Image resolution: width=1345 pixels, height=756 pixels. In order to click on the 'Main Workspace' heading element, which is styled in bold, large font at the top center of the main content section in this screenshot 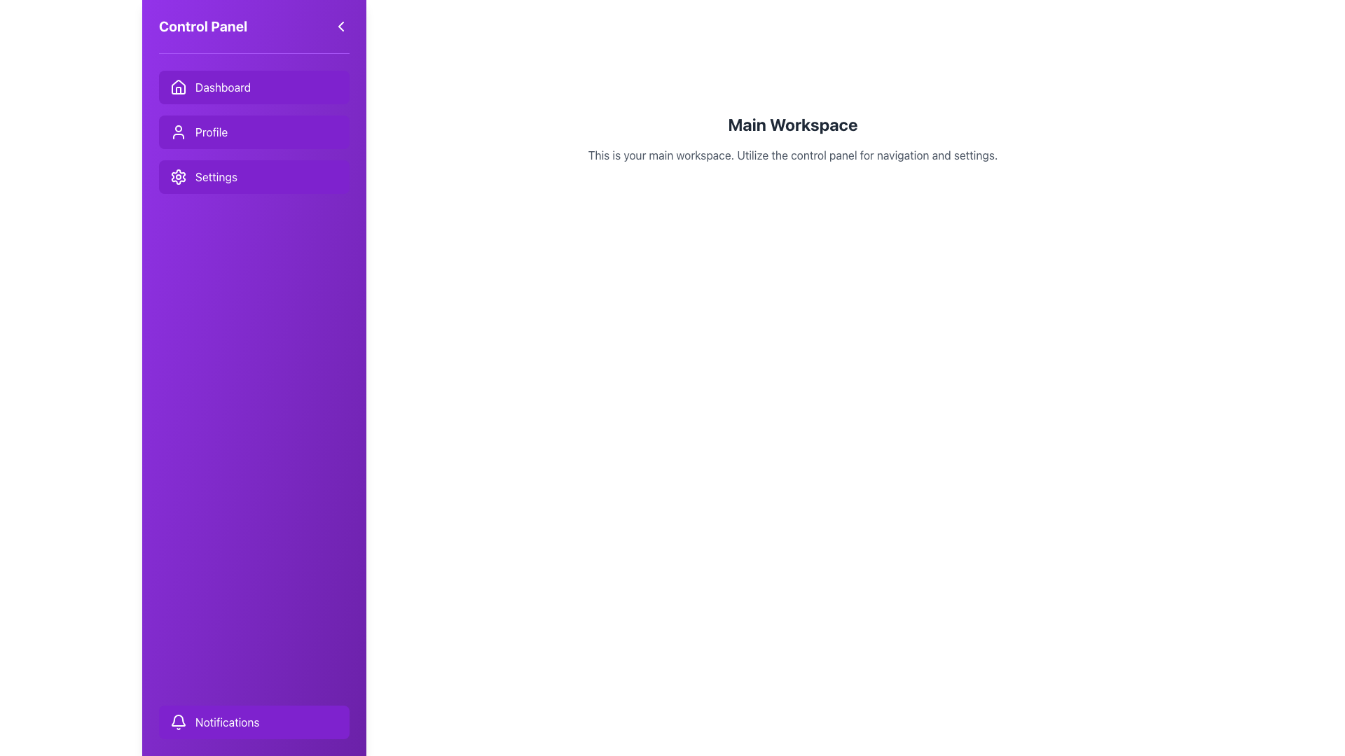, I will do `click(793, 123)`.